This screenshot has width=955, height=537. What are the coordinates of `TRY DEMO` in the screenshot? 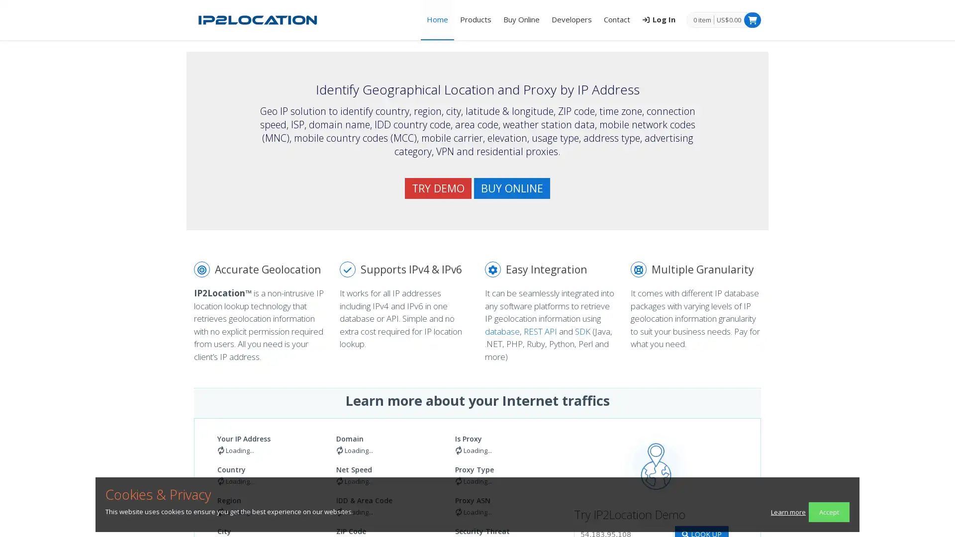 It's located at (438, 188).